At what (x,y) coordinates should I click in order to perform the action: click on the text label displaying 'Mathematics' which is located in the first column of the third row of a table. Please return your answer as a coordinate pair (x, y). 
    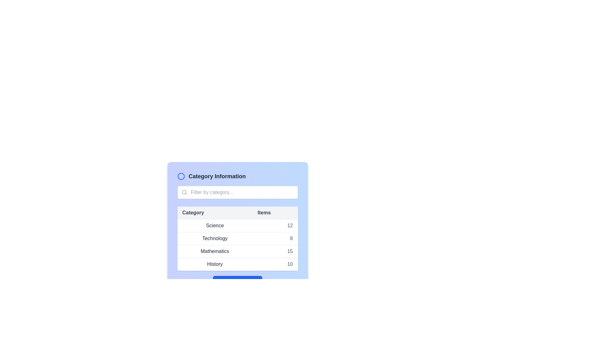
    Looking at the image, I should click on (215, 251).